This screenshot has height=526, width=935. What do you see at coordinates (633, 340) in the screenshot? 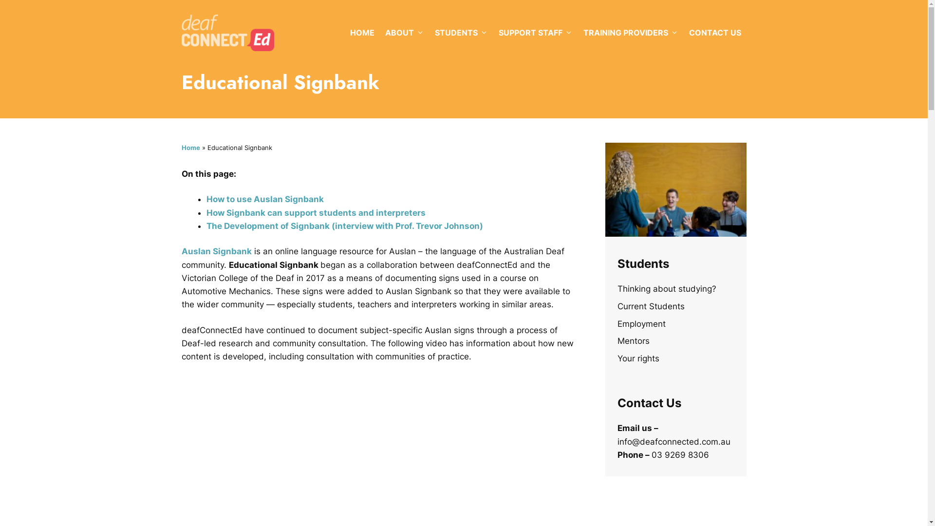
I see `'Mentors'` at bounding box center [633, 340].